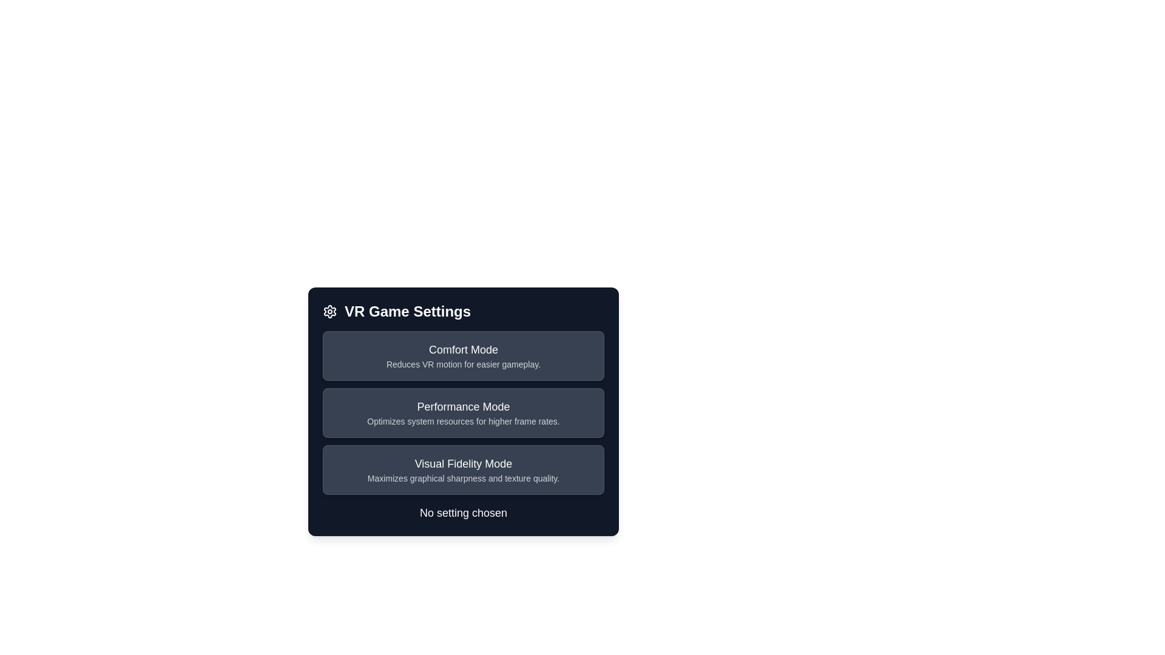 This screenshot has height=655, width=1165. Describe the element at coordinates (462, 411) in the screenshot. I see `the 'Performance Mode' list item, which is the second item in the VR Game Settings options` at that location.